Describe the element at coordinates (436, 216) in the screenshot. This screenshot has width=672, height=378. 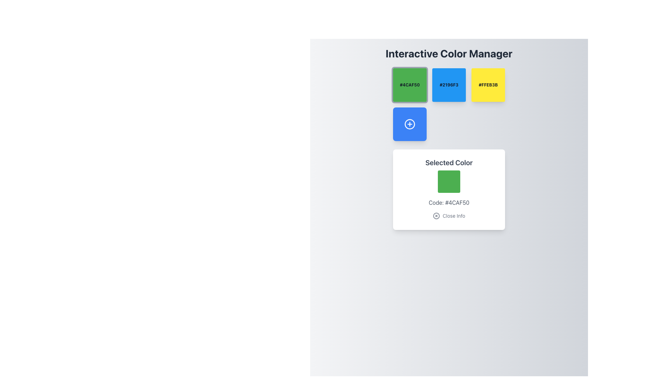
I see `the 'Close Info' icon located beneath the color code and green color sample in the 'Selected Color' section` at that location.